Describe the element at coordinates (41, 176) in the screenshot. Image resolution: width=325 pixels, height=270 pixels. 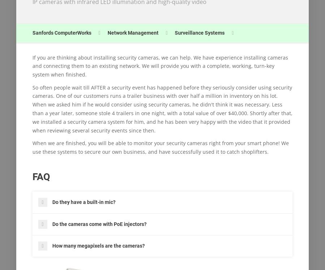
I see `'FAQ'` at that location.